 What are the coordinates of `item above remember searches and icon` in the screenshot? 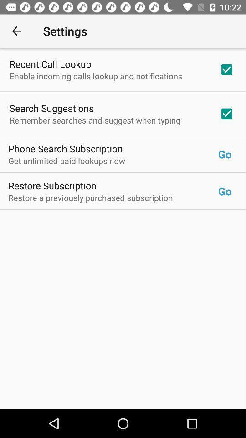 It's located at (51, 108).